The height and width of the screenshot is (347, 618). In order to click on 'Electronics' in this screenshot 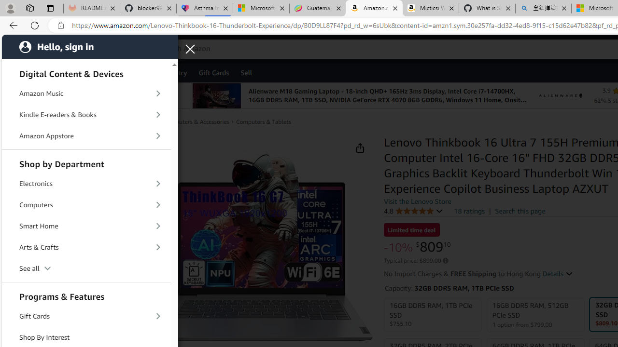, I will do `click(86, 184)`.